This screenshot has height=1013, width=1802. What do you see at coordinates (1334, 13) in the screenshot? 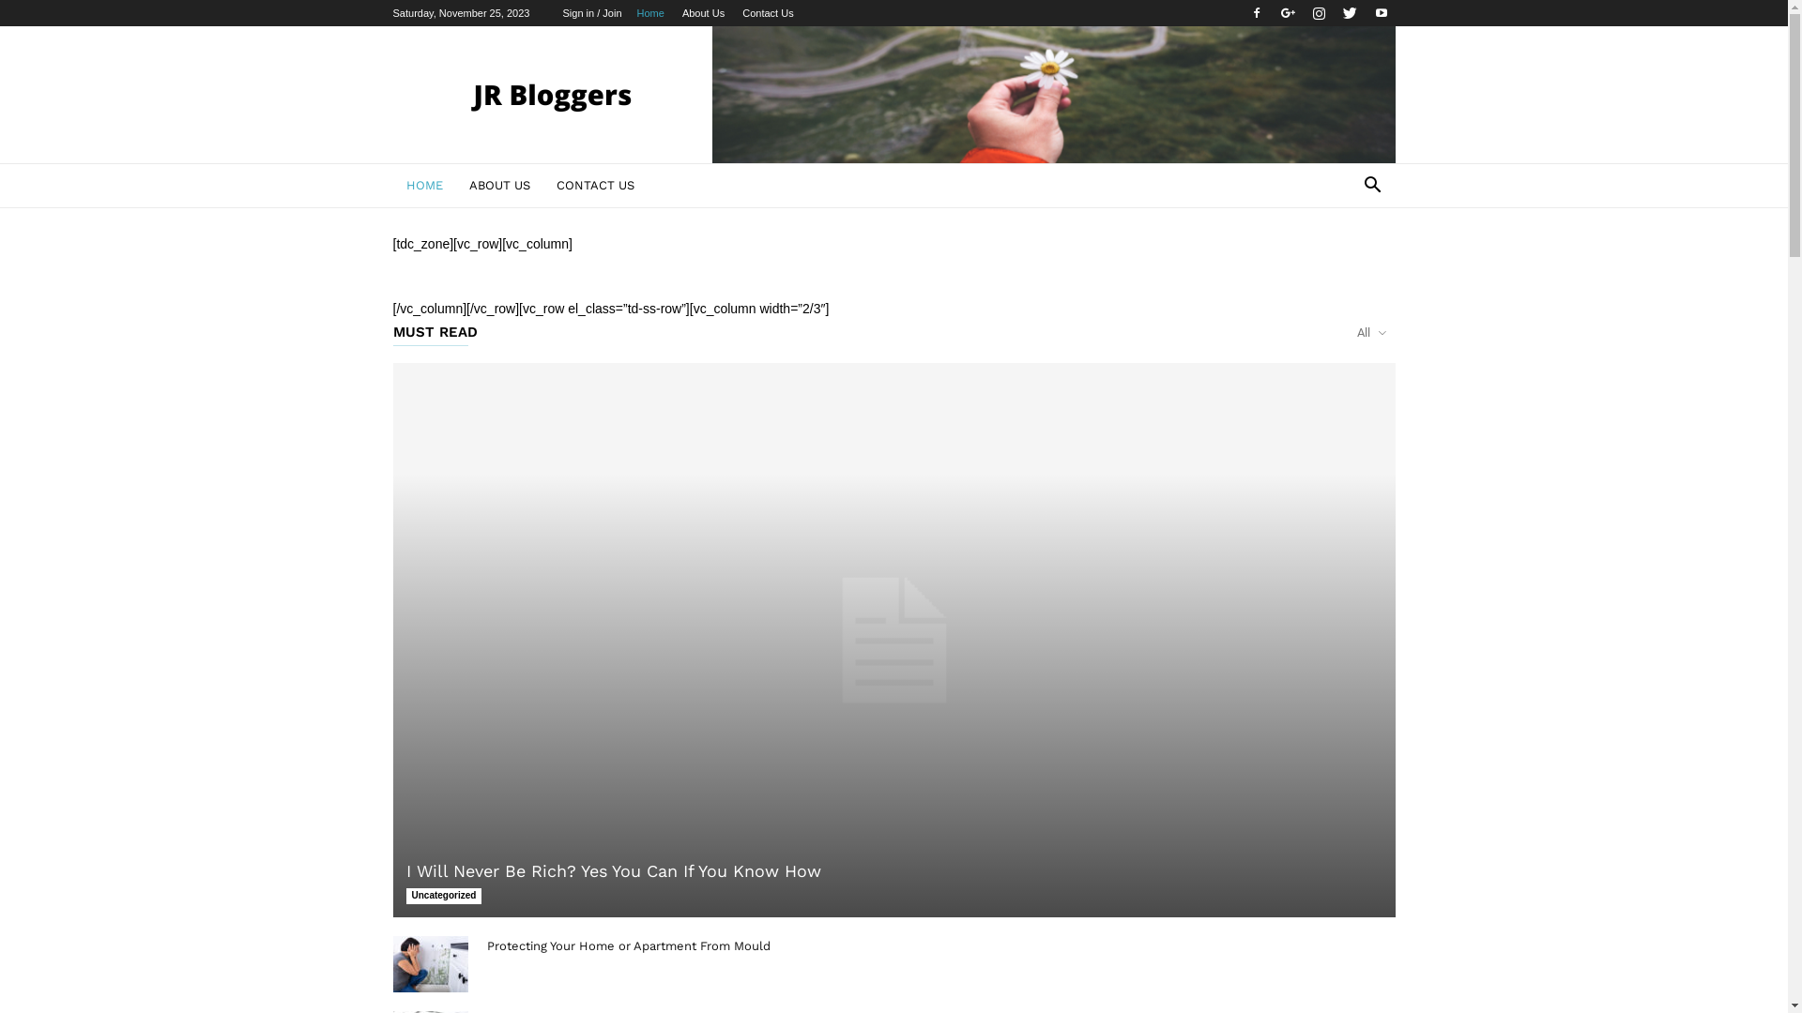
I see `'Twitter'` at bounding box center [1334, 13].